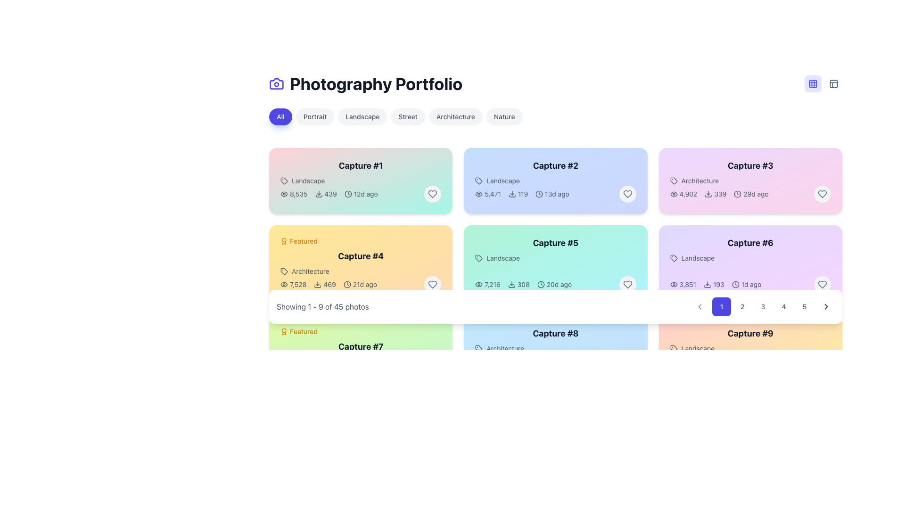 The image size is (905, 509). What do you see at coordinates (518, 284) in the screenshot?
I see `the combined UI component displaying the text '308' and a downward-pointing arrow icon, which indicates a download action` at bounding box center [518, 284].